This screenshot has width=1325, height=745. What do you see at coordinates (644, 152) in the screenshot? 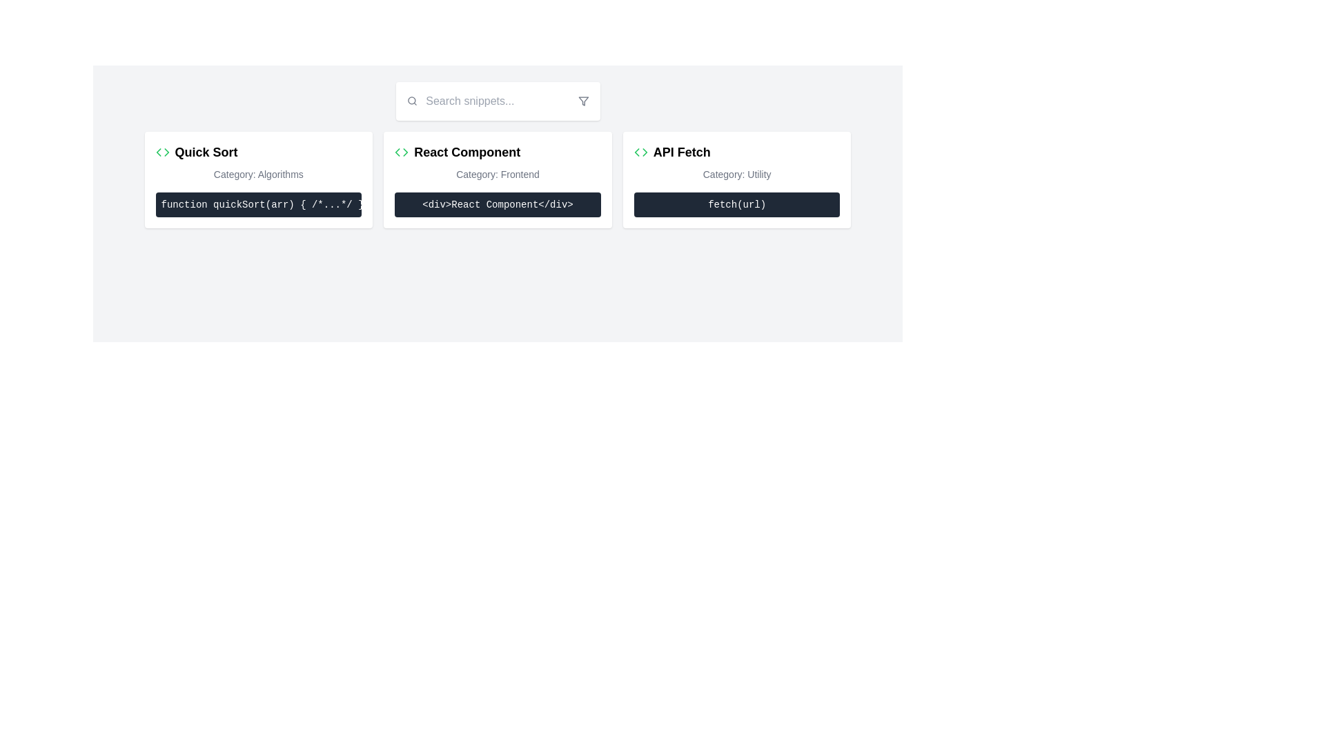
I see `triangular icon component located to the right of the 'Quick Sort' text in the 'Quick Sort' section of the interface` at bounding box center [644, 152].